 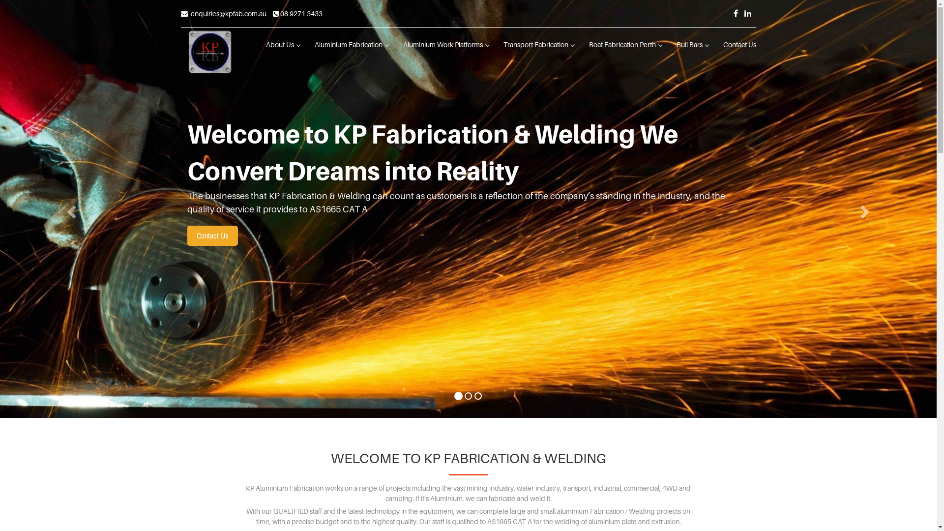 What do you see at coordinates (259, 45) in the screenshot?
I see `'About Us'` at bounding box center [259, 45].